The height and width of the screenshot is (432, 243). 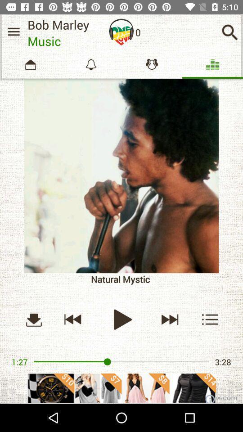 I want to click on front button, so click(x=169, y=319).